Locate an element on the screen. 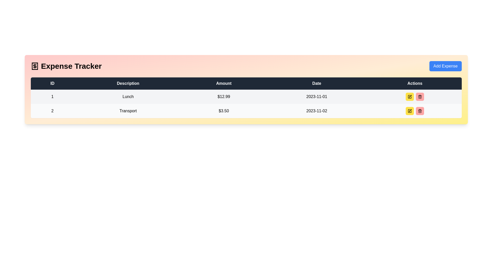 This screenshot has width=489, height=275. the delete icon button located in the 'Actions' column of the second row in the table is located at coordinates (420, 111).